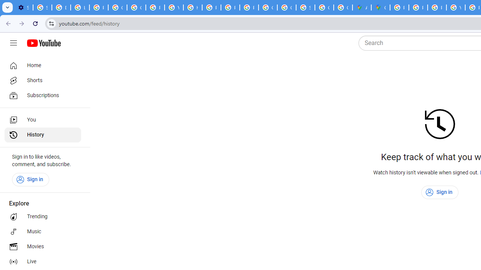 Image resolution: width=481 pixels, height=270 pixels. What do you see at coordinates (43, 43) in the screenshot?
I see `'YouTube Home'` at bounding box center [43, 43].